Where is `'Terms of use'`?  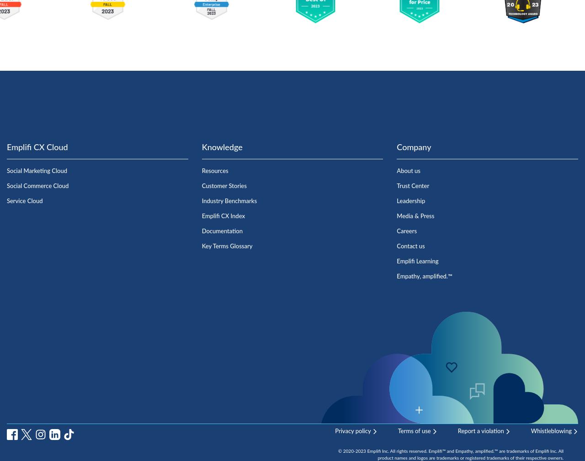 'Terms of use' is located at coordinates (413, 431).